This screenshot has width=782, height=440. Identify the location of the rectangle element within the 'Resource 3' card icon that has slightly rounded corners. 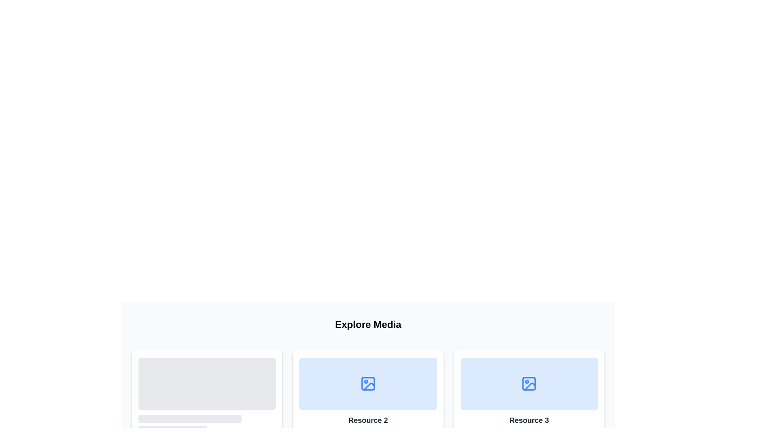
(529, 383).